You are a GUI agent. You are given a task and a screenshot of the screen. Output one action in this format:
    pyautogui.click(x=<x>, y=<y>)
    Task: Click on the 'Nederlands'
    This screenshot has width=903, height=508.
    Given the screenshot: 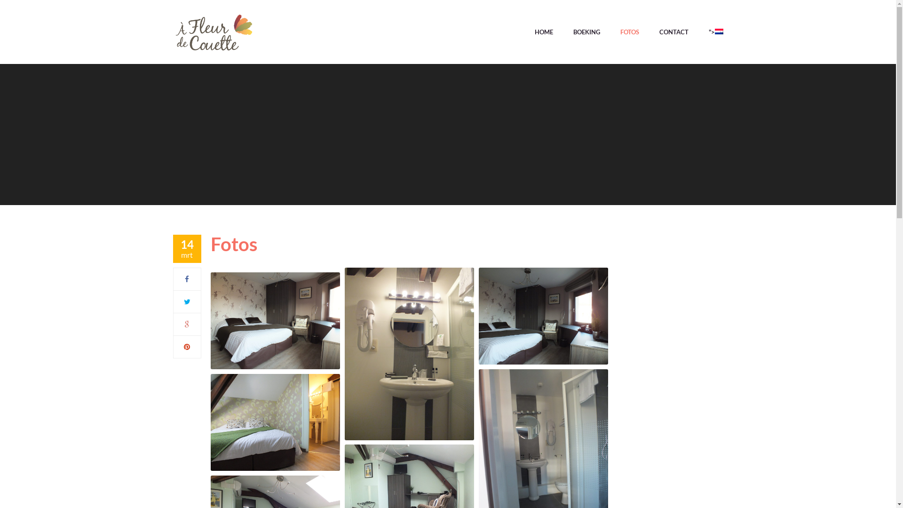 What is the action you would take?
    pyautogui.click(x=719, y=31)
    